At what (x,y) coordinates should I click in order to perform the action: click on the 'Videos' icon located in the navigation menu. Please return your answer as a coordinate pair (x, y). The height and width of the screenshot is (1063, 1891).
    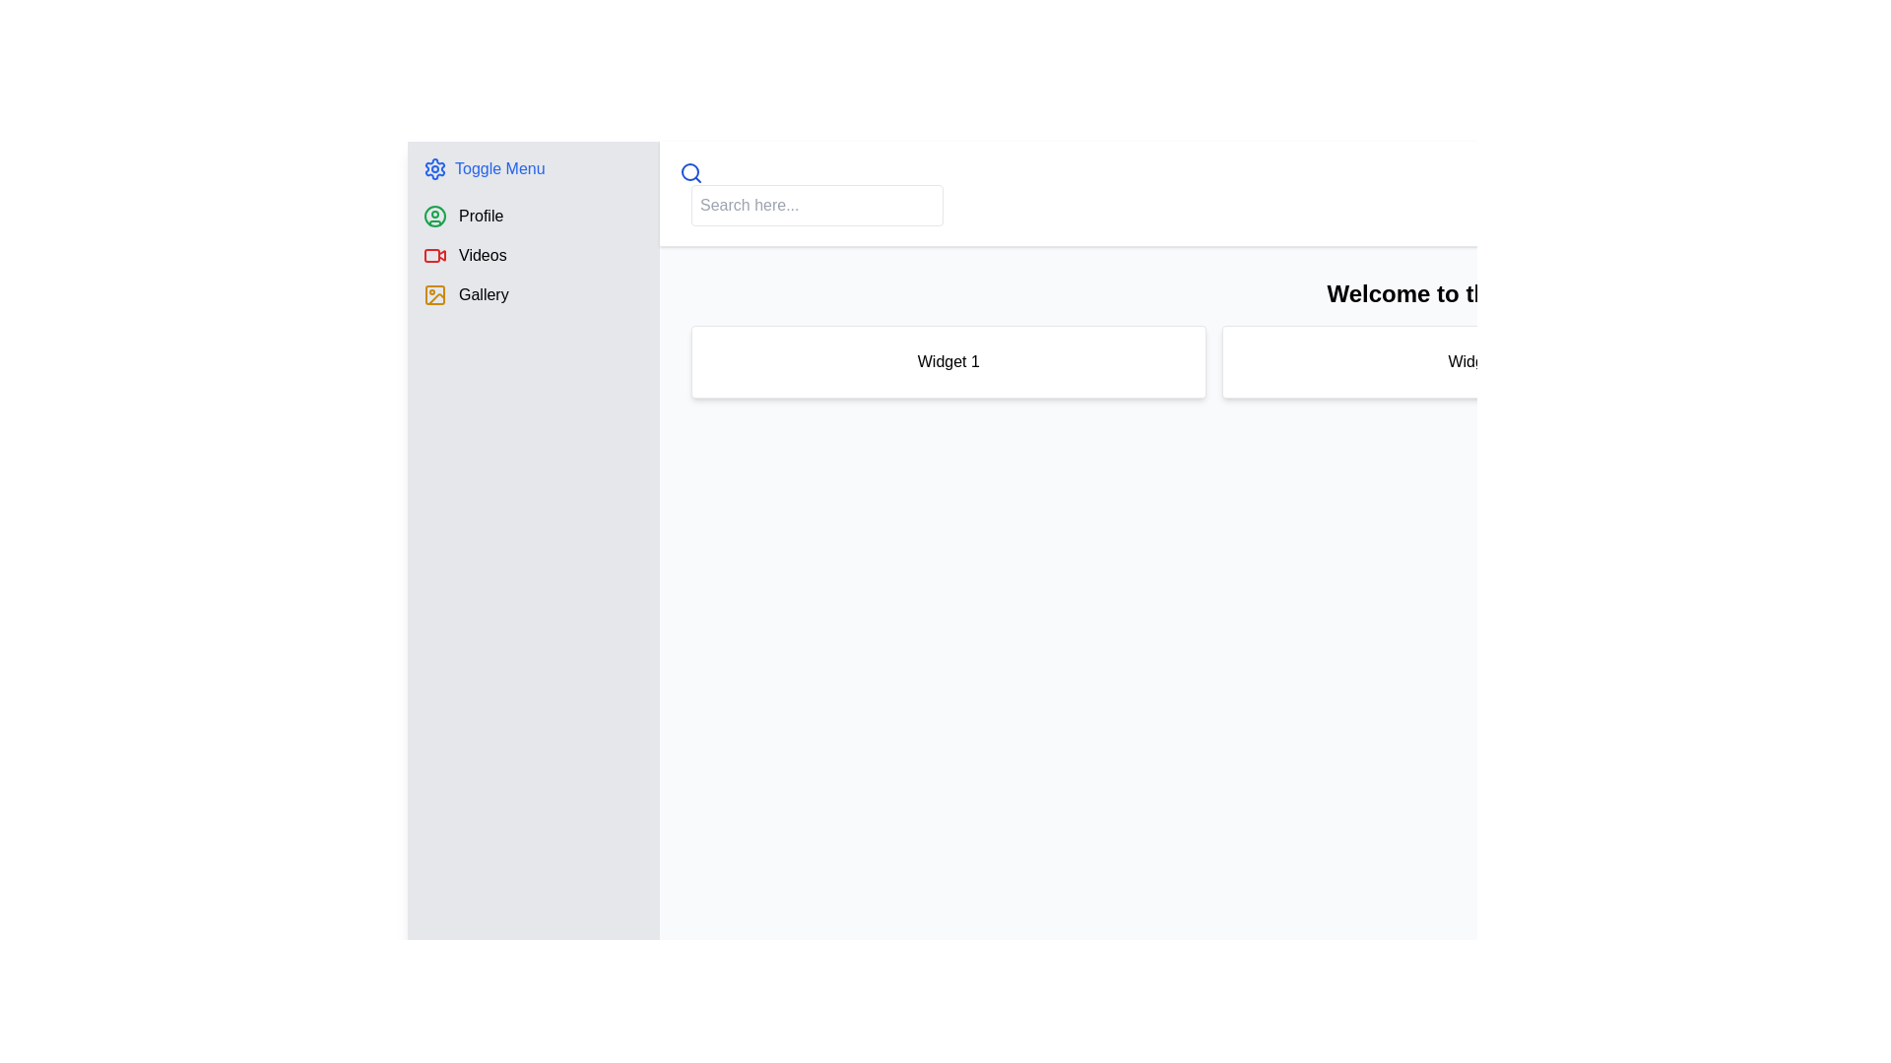
    Looking at the image, I should click on (433, 254).